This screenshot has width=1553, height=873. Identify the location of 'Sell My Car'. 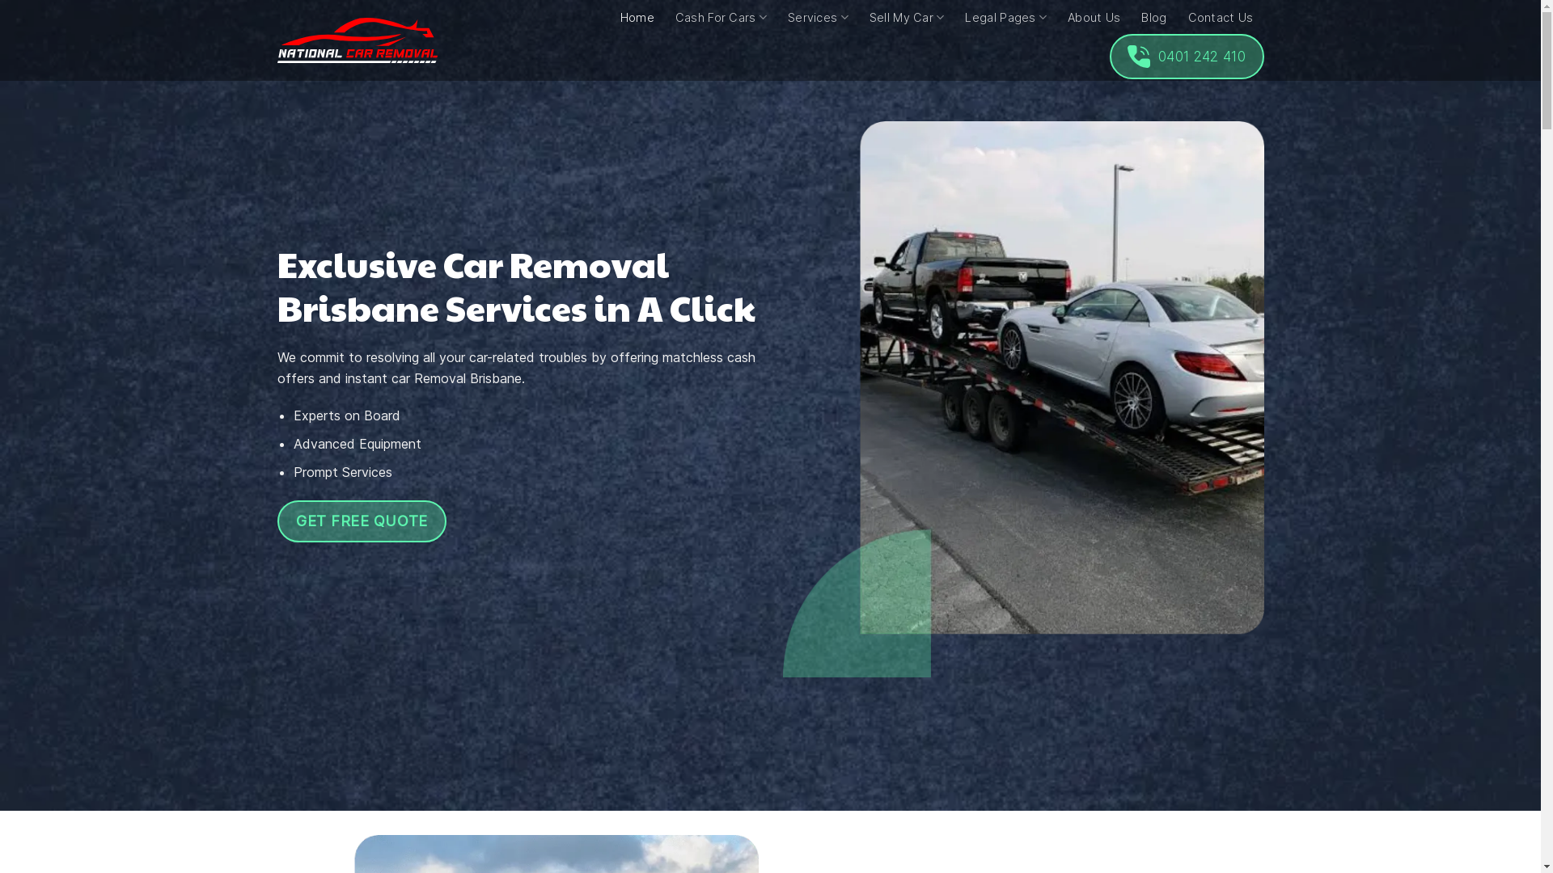
(907, 17).